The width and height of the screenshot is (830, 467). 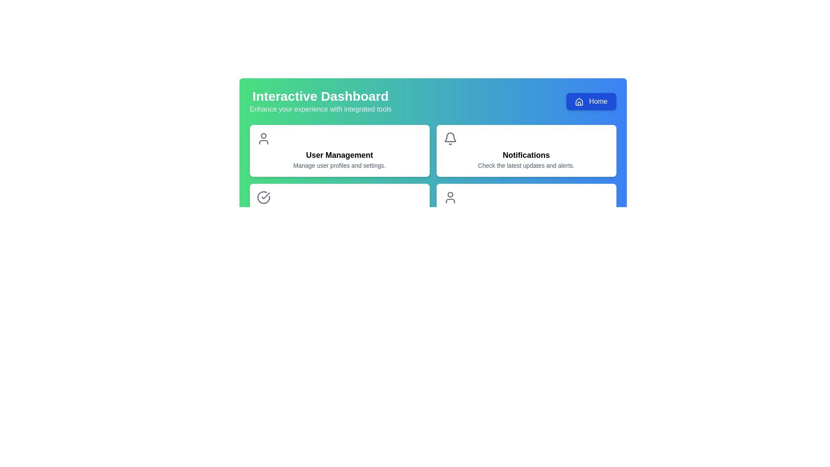 I want to click on the 'Home' icon located in the top-right corner of the interface, so click(x=579, y=101).